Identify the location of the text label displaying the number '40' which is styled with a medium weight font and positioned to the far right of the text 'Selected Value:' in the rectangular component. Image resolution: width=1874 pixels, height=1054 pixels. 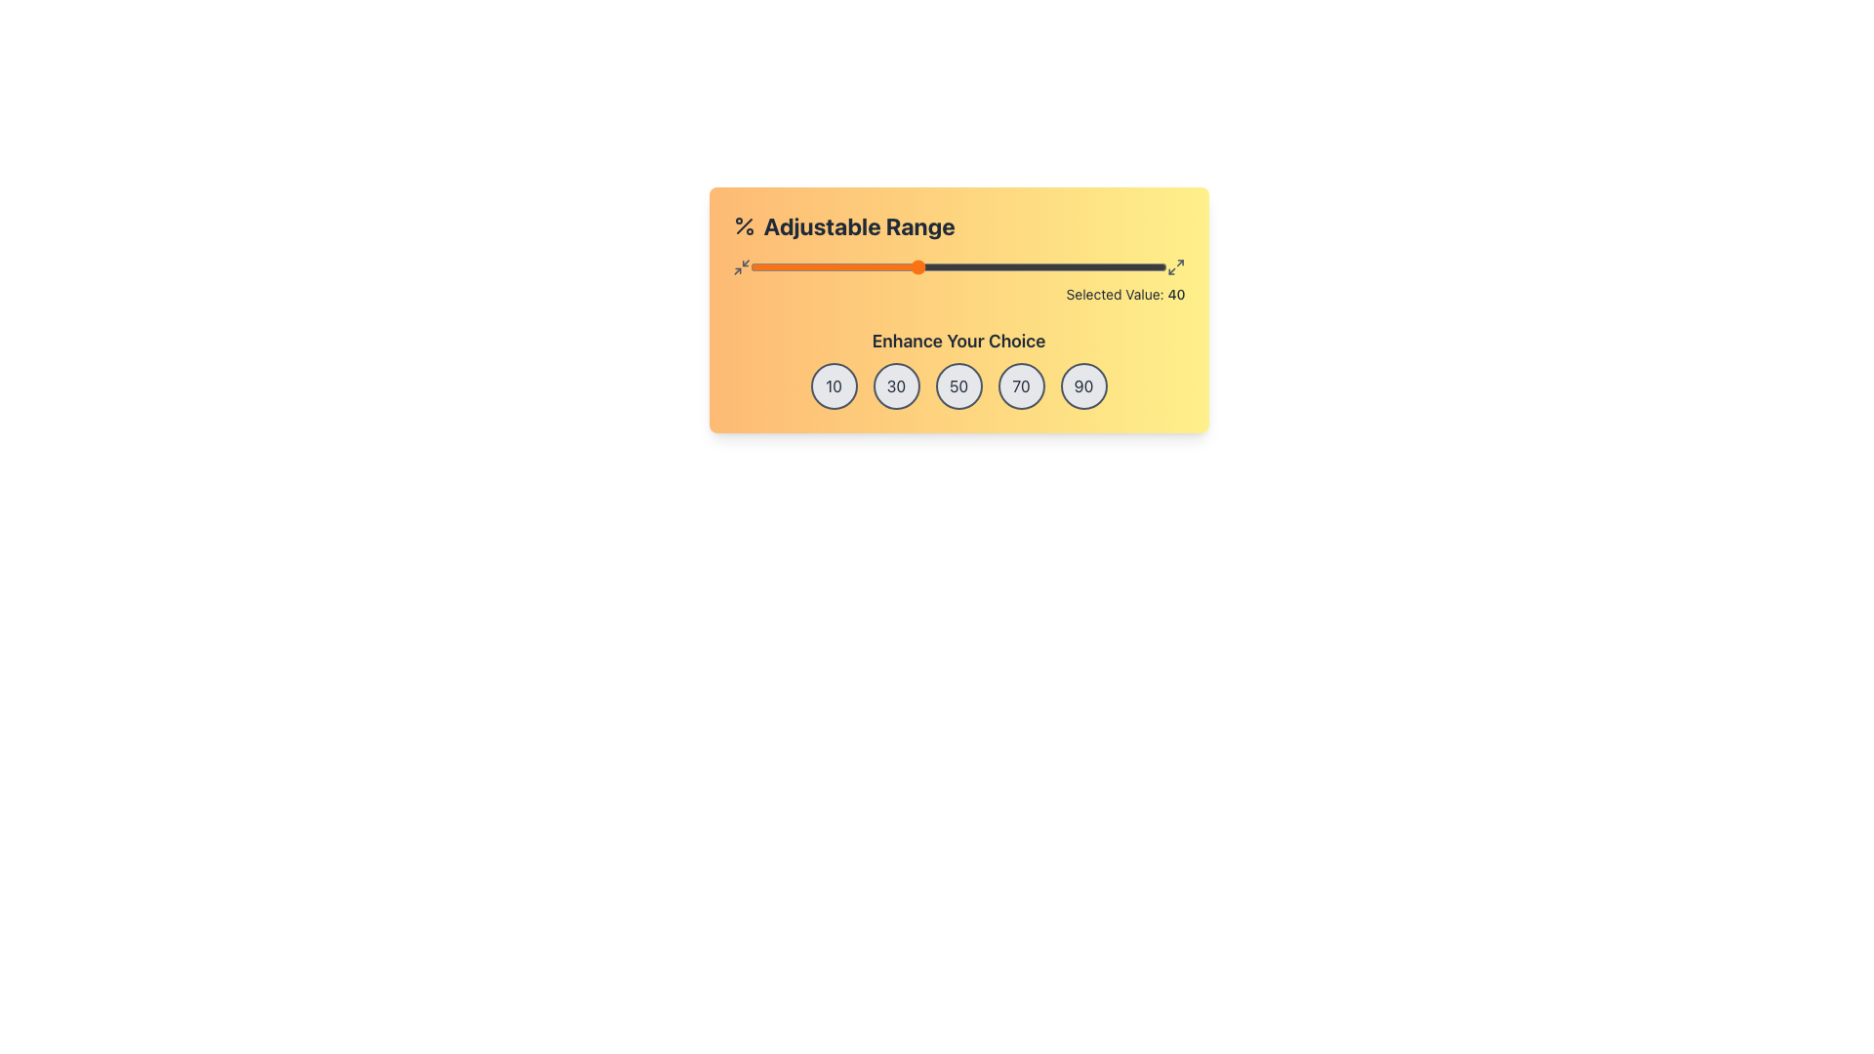
(1175, 294).